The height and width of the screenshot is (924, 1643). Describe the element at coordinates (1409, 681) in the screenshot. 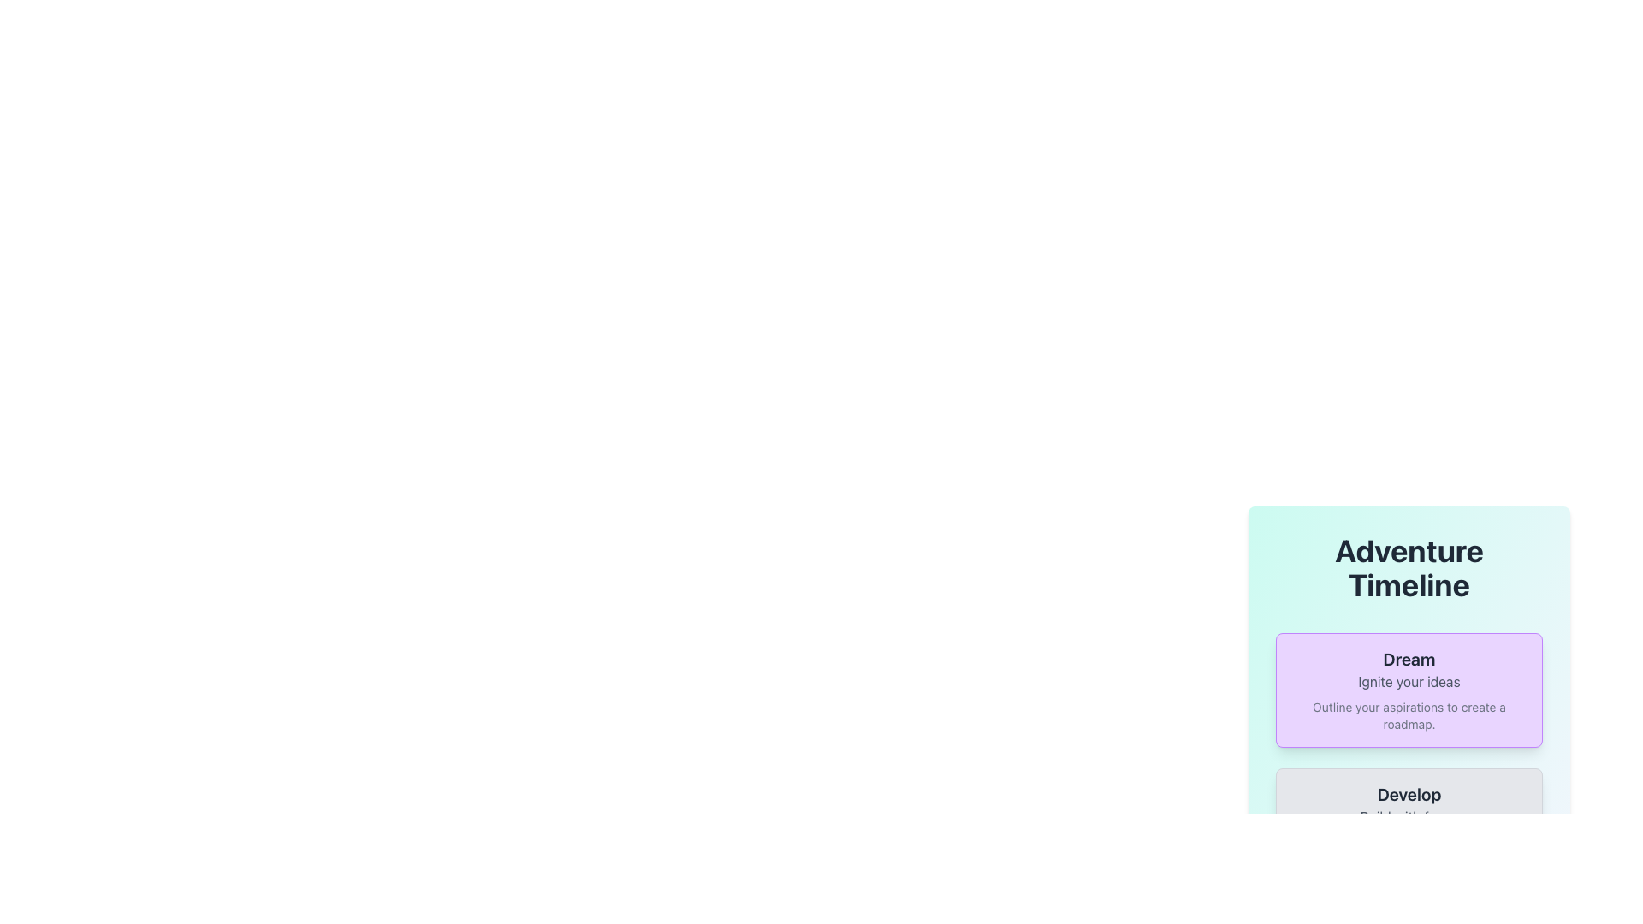

I see `the descriptive text element located within the purple card, which provides context related to the title 'Dream'` at that location.